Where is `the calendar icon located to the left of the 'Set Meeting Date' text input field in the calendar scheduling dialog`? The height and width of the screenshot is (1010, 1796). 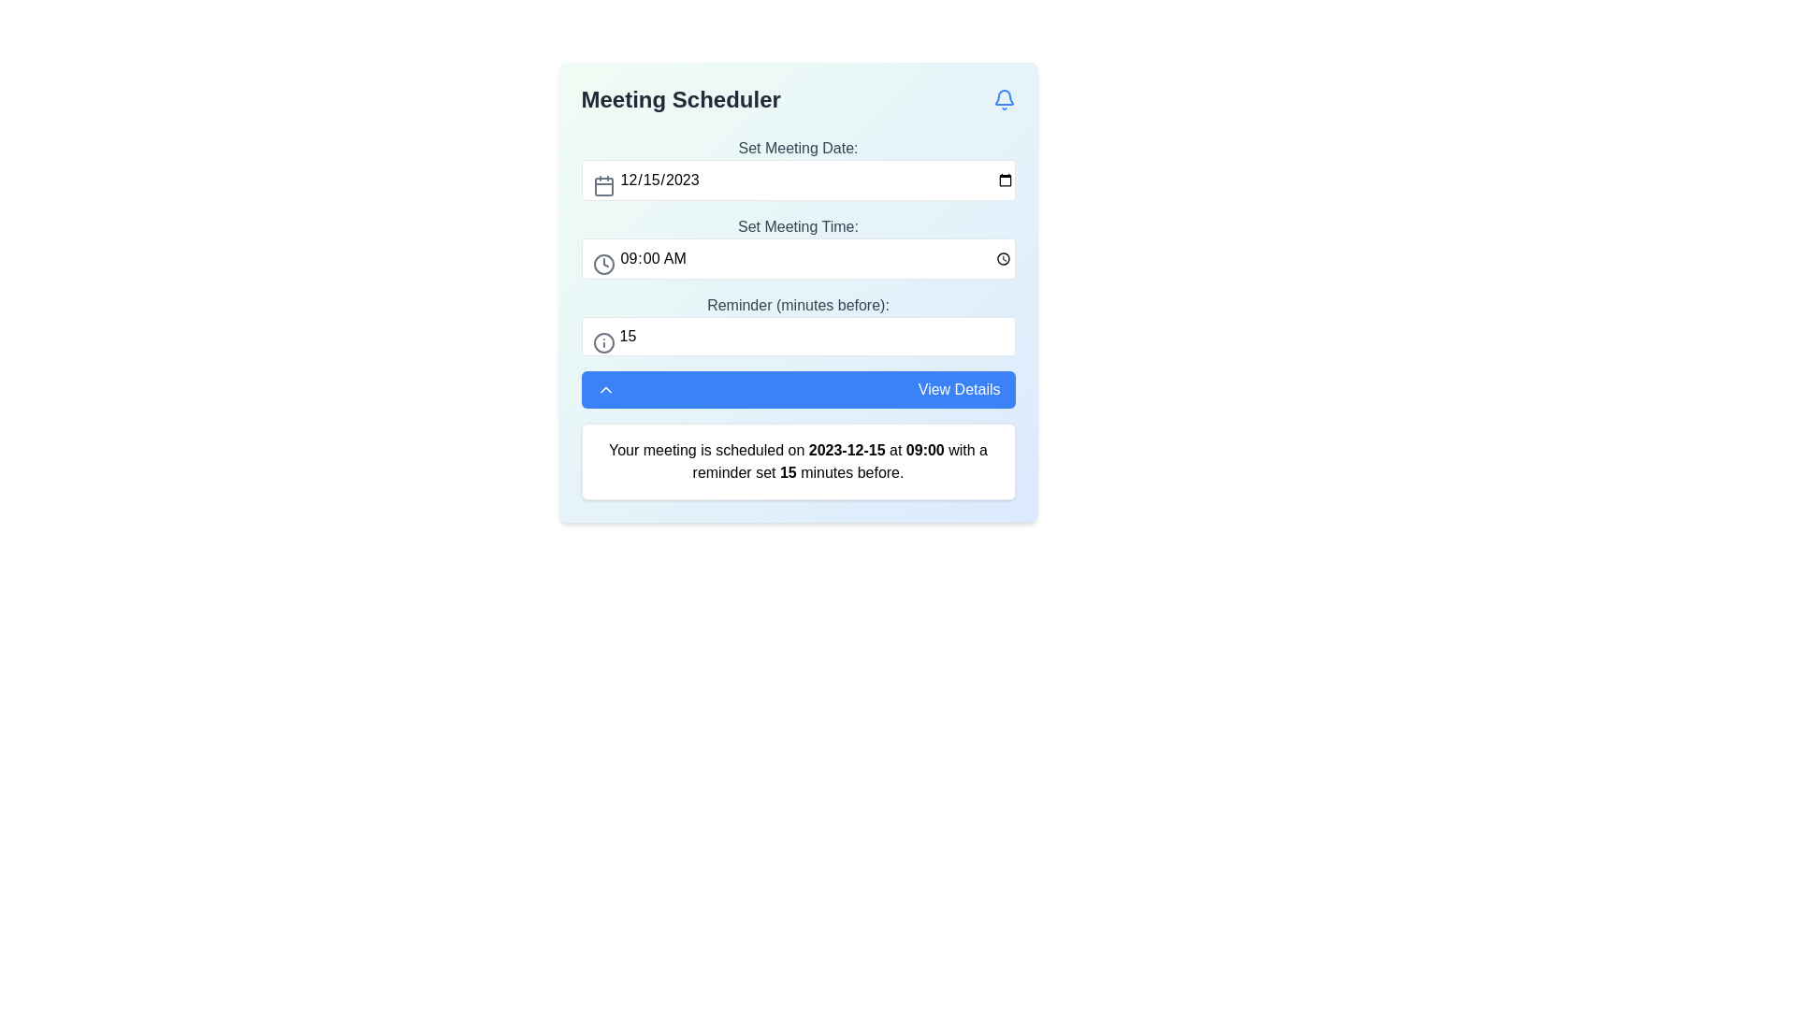
the calendar icon located to the left of the 'Set Meeting Date' text input field in the calendar scheduling dialog is located at coordinates (603, 186).